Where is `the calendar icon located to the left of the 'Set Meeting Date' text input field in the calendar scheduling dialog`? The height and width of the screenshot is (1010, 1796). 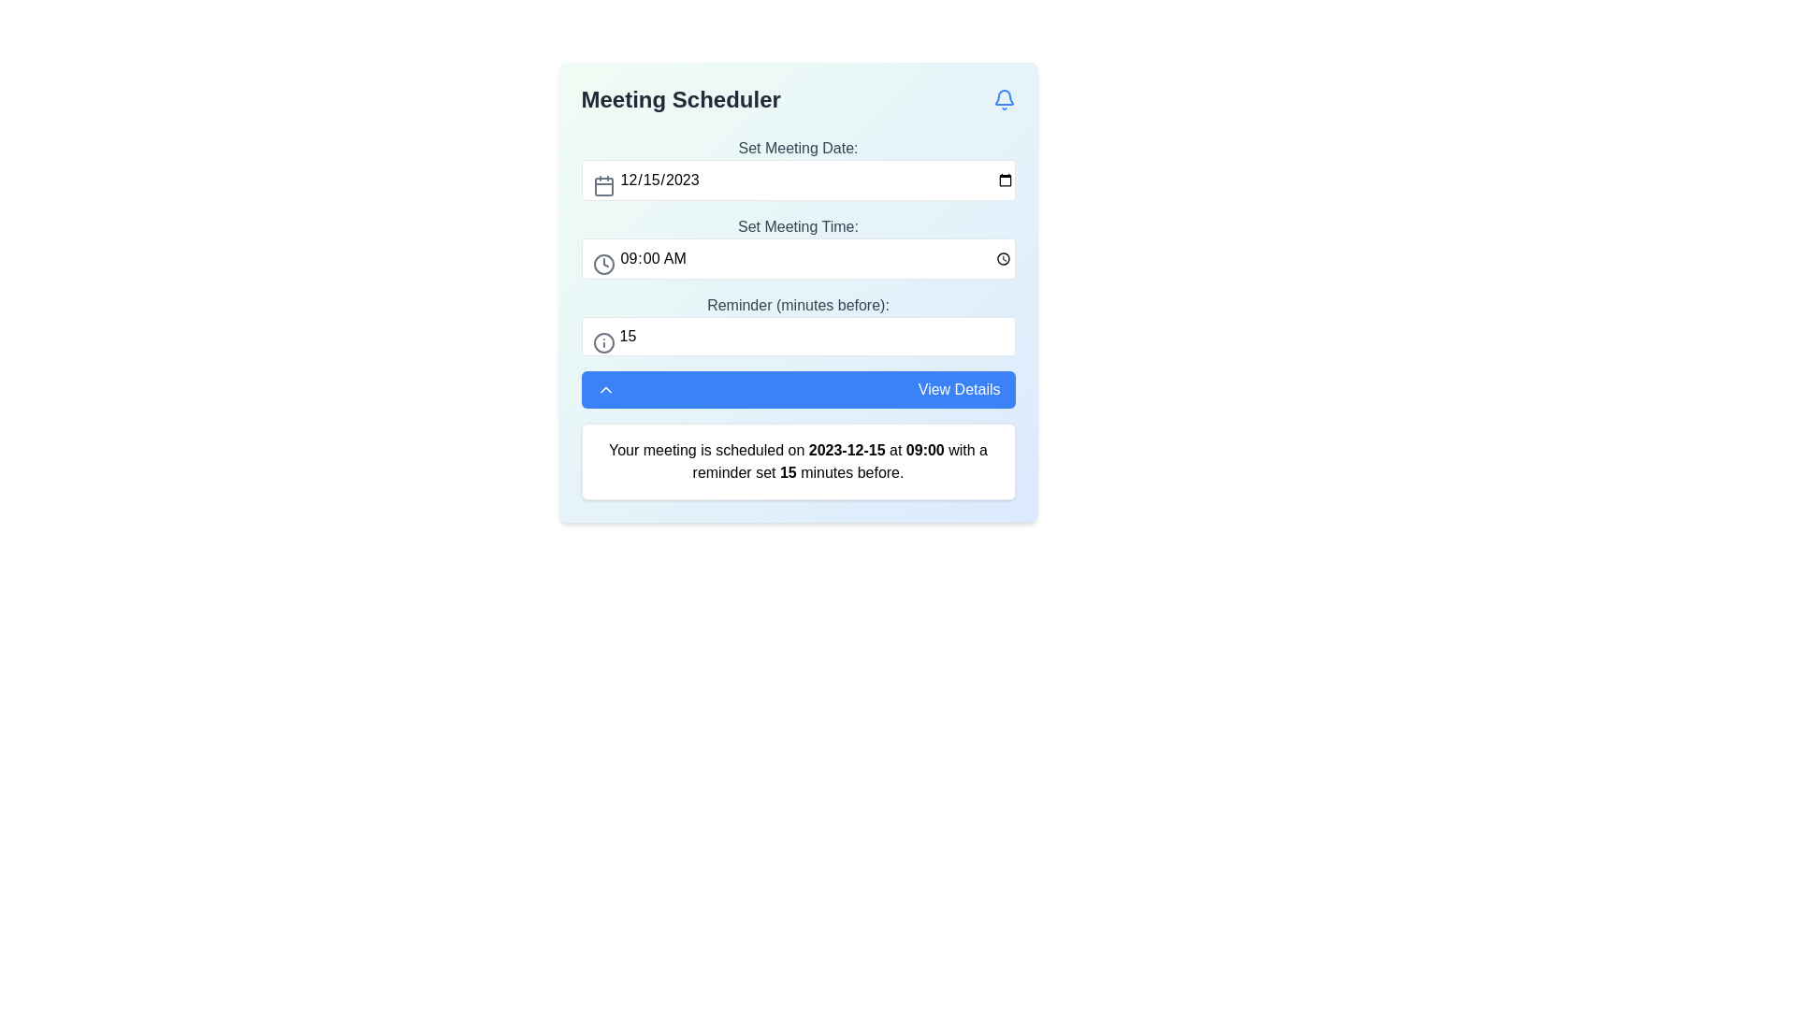
the calendar icon located to the left of the 'Set Meeting Date' text input field in the calendar scheduling dialog is located at coordinates (603, 186).